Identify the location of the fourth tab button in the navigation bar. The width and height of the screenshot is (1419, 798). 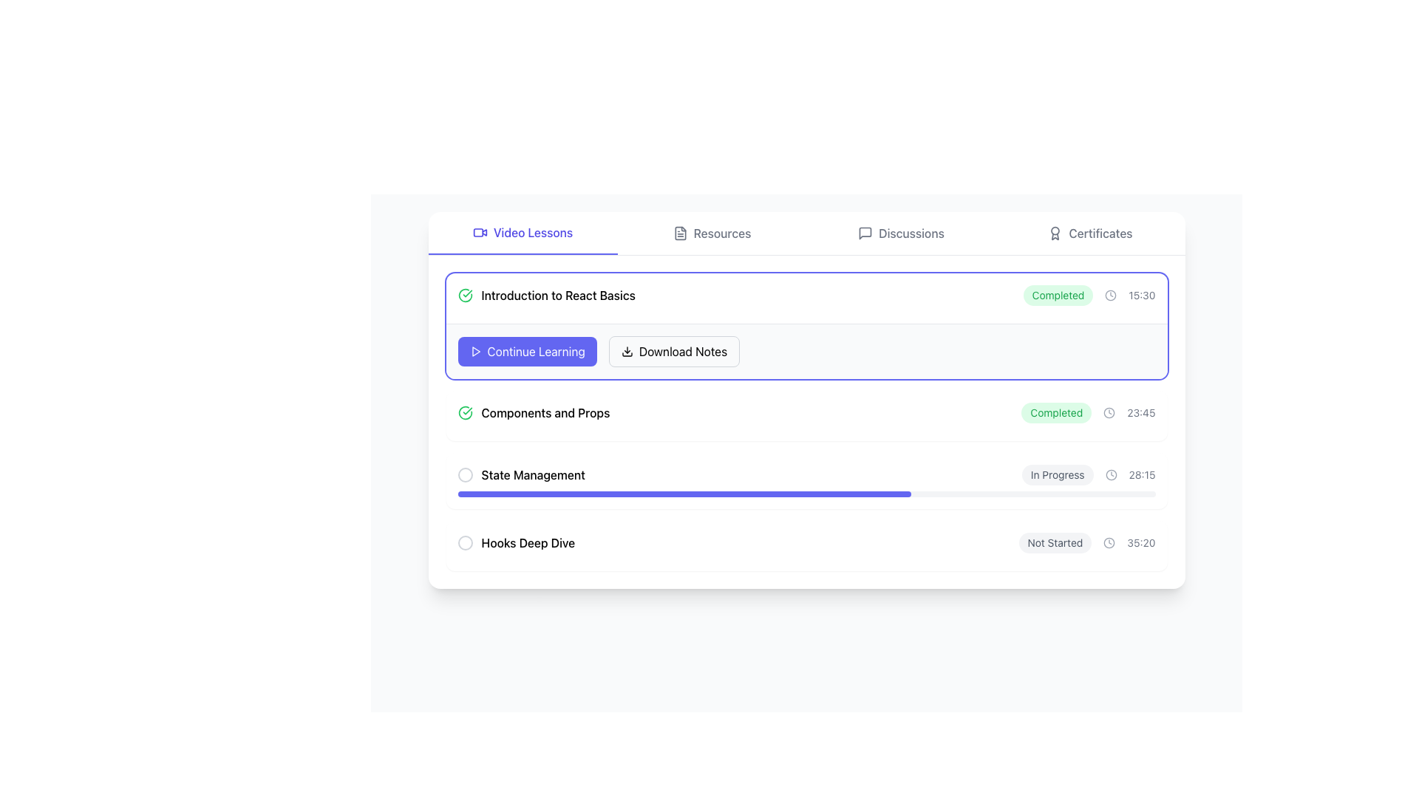
(1090, 233).